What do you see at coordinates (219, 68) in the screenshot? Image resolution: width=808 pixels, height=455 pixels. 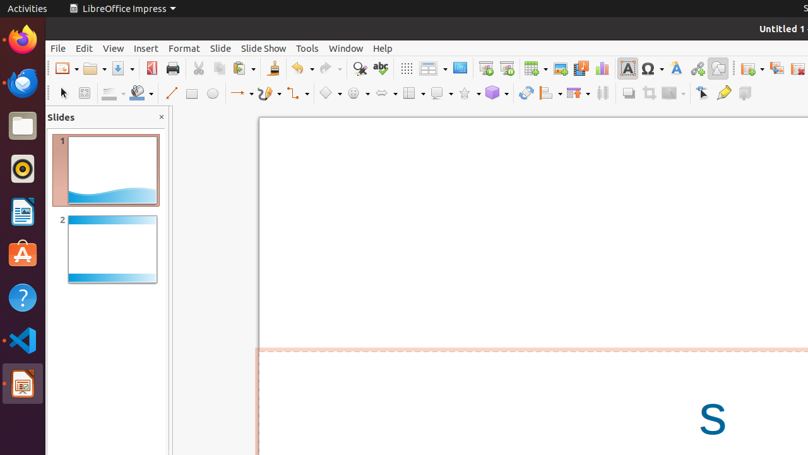 I see `'Copy'` at bounding box center [219, 68].